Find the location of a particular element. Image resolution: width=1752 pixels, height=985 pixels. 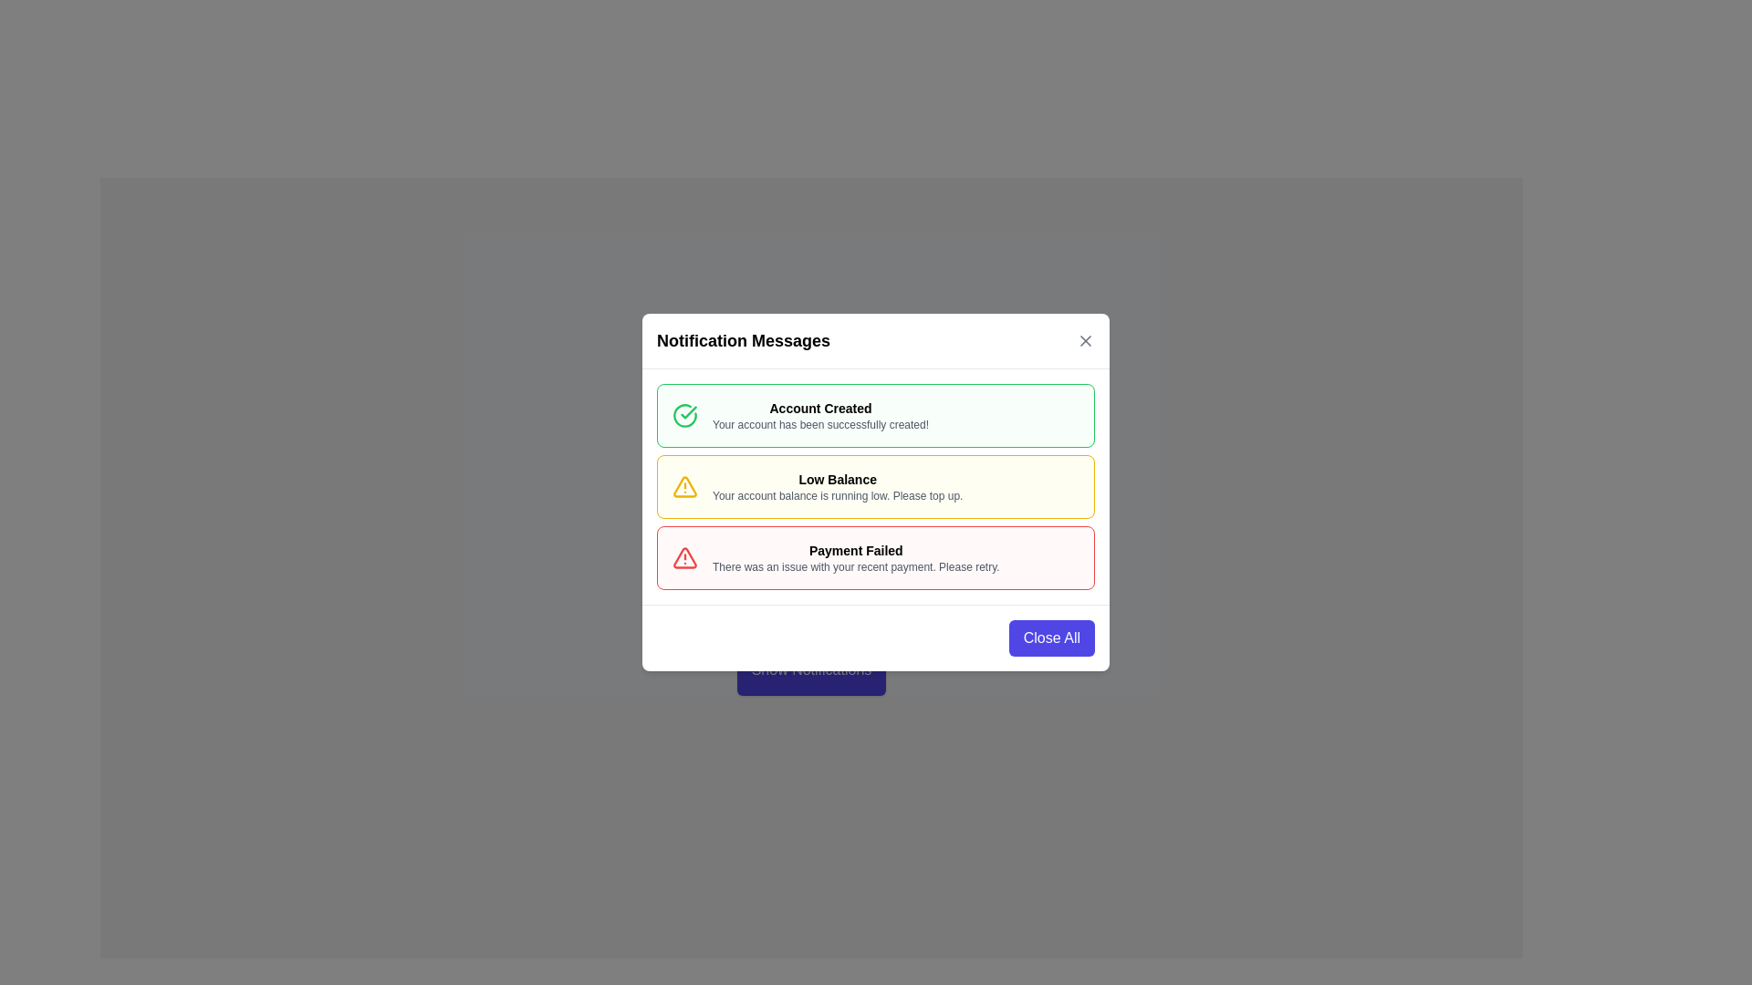

the 'Close All' button using tab navigation is located at coordinates (1051, 637).